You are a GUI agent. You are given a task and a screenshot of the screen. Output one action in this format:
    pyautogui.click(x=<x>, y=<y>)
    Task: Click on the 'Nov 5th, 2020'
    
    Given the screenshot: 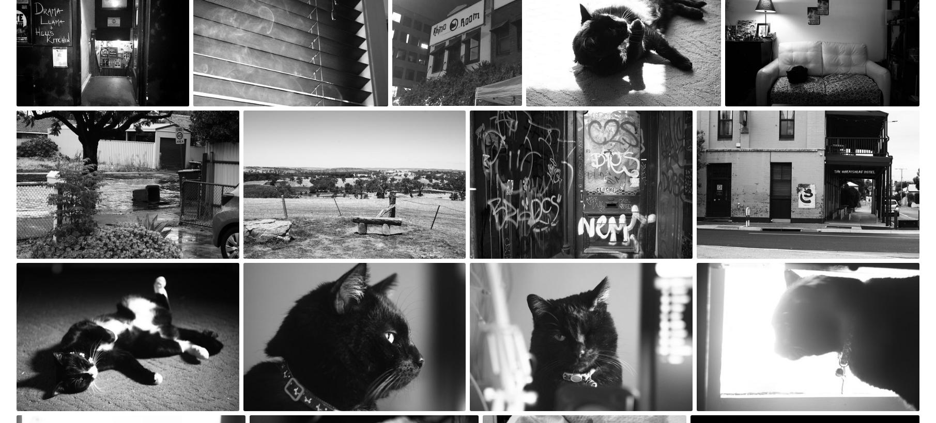 What is the action you would take?
    pyautogui.click(x=721, y=270)
    